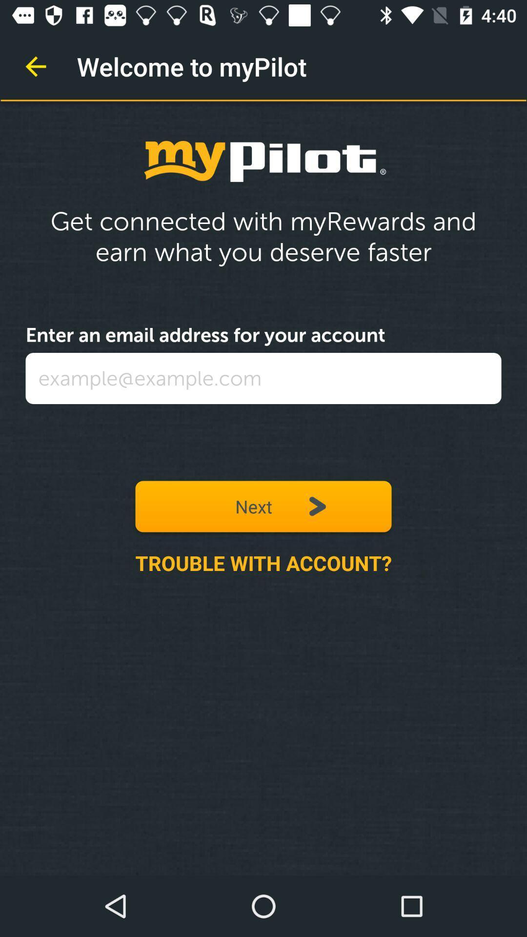 This screenshot has height=937, width=527. What do you see at coordinates (35, 66) in the screenshot?
I see `the item at the top left corner` at bounding box center [35, 66].